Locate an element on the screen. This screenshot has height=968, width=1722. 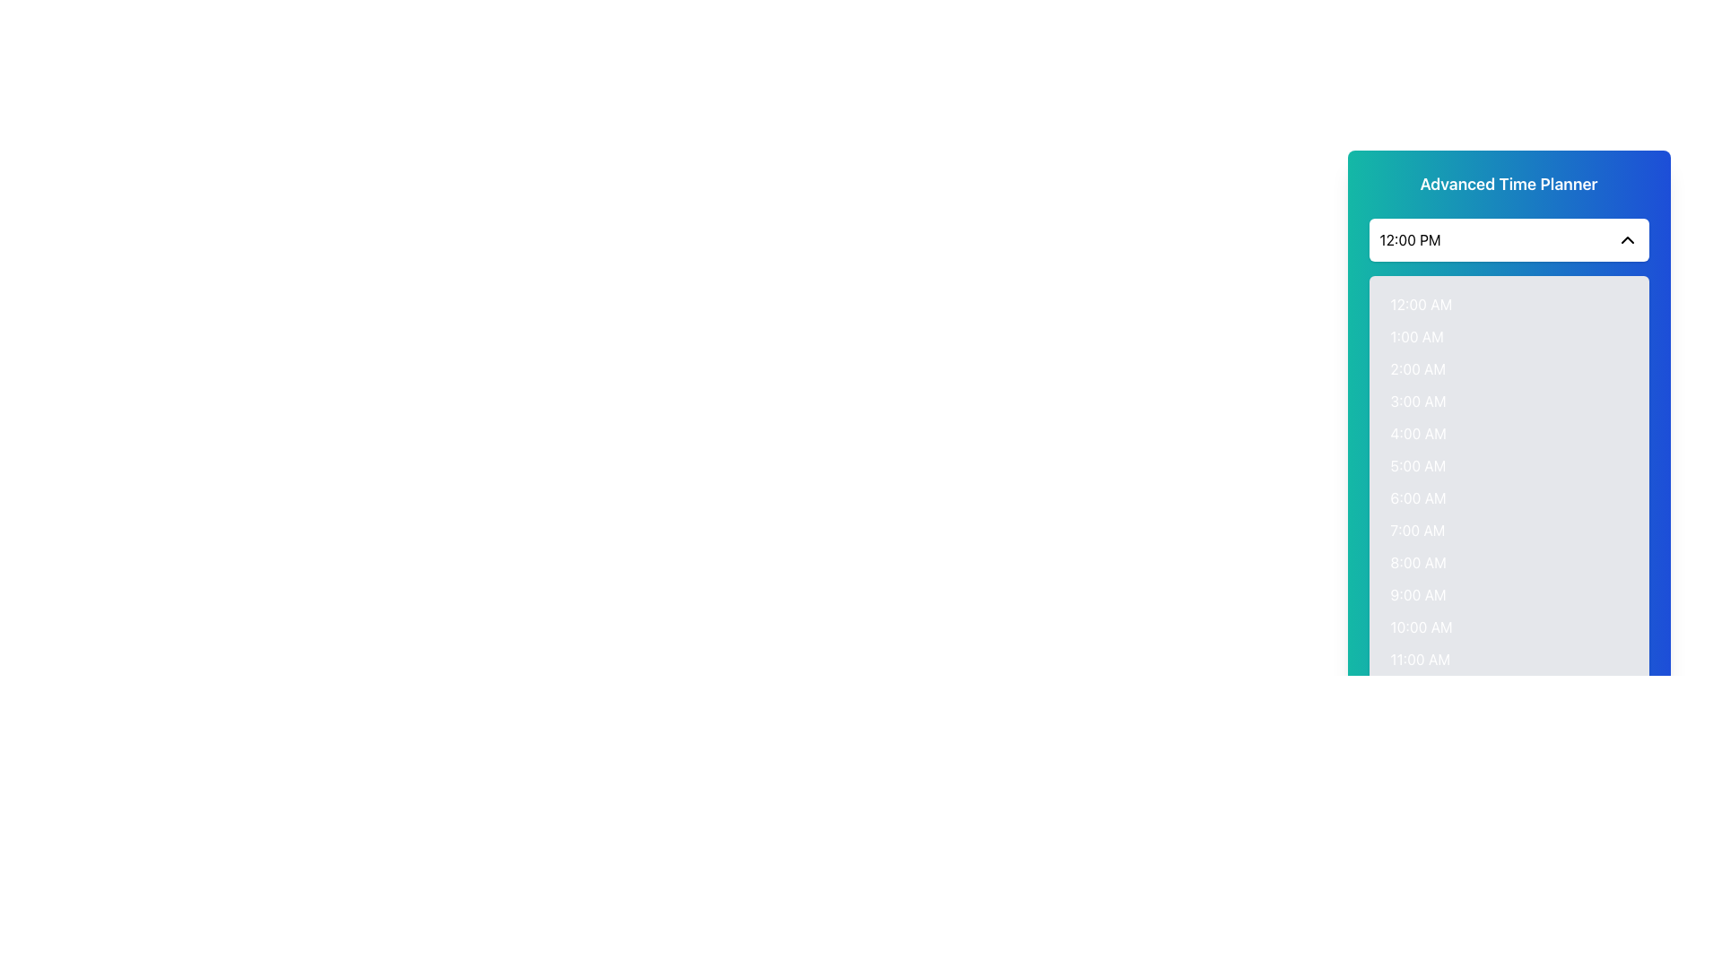
the '8:00 AM' selectable time option button within the dropdown list is located at coordinates (1508, 562).